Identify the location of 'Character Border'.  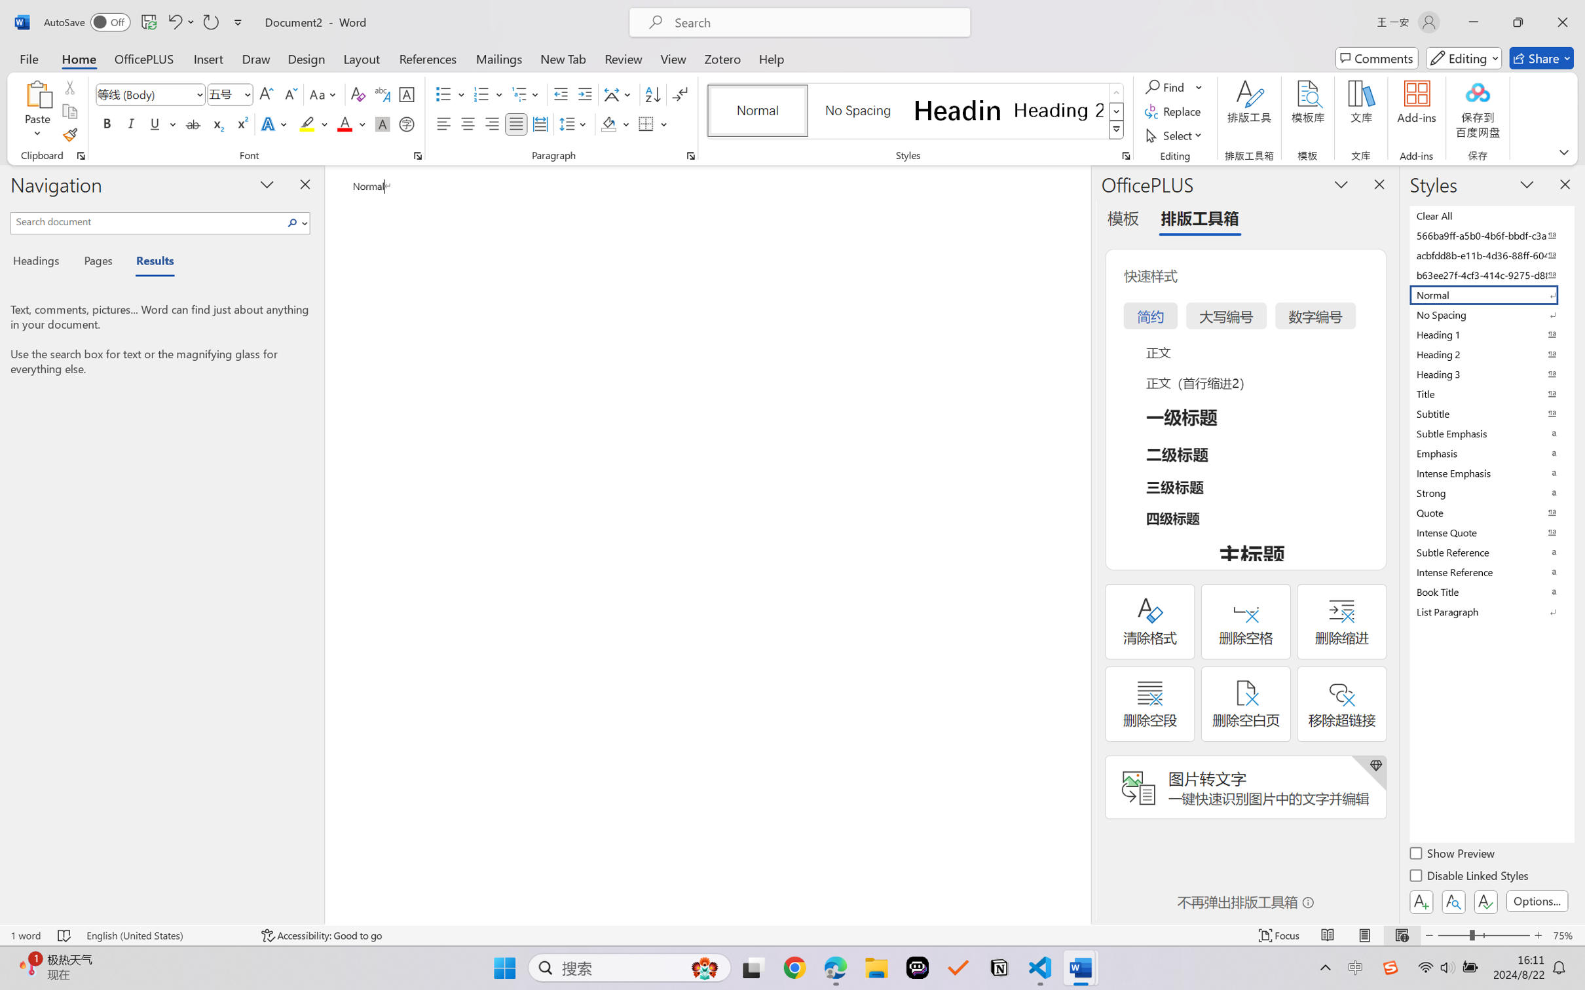
(407, 94).